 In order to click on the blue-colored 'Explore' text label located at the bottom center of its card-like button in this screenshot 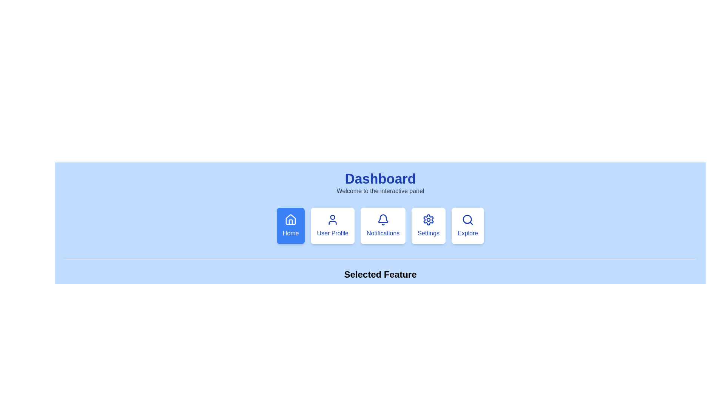, I will do `click(467, 233)`.